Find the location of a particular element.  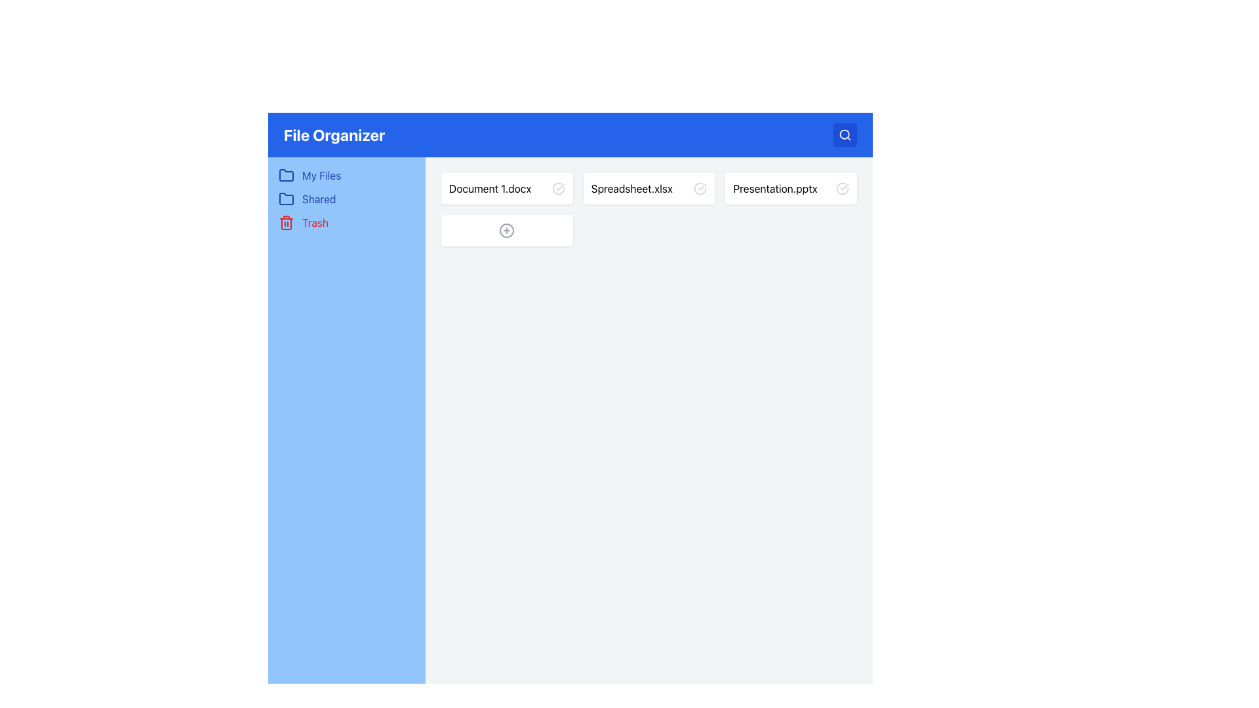

the folder icon located on the left sidebar of the File Organizer interface is located at coordinates (285, 199).